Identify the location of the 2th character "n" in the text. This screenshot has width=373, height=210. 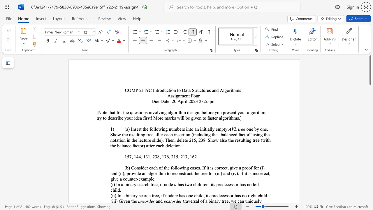
(130, 195).